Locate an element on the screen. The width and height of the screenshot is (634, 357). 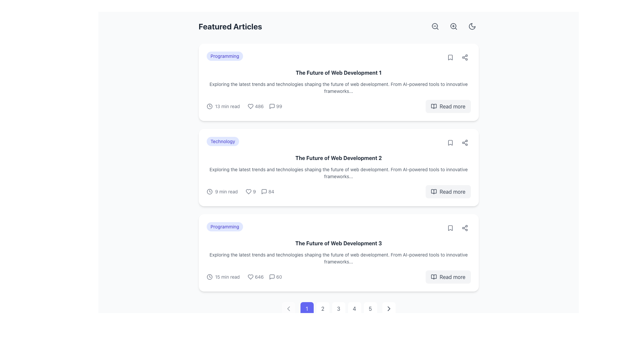
the heart icon with an outlined design in gray color, located next to the number '9' as part of the likes indicator is located at coordinates (248, 191).